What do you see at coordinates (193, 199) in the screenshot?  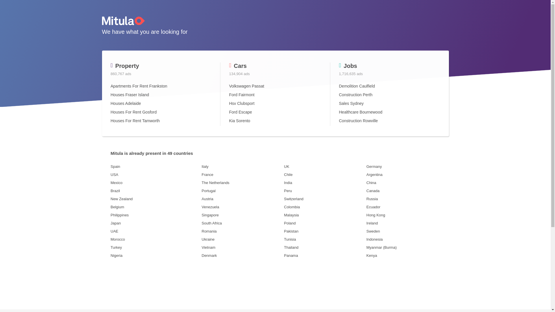 I see `'Austria'` at bounding box center [193, 199].